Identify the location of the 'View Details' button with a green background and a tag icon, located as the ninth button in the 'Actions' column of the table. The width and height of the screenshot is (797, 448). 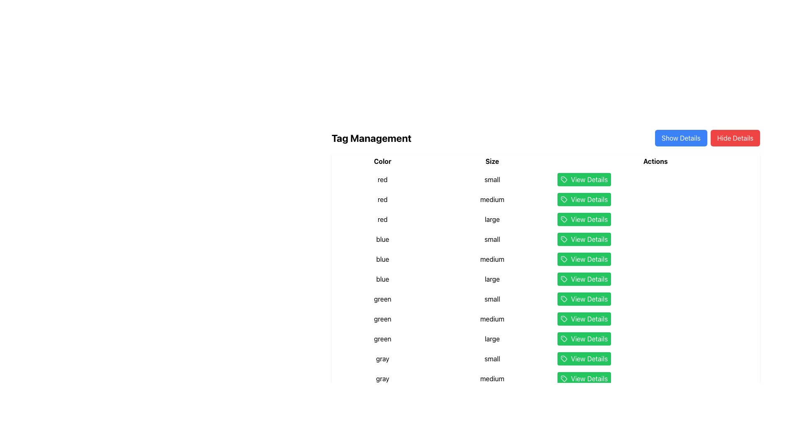
(584, 358).